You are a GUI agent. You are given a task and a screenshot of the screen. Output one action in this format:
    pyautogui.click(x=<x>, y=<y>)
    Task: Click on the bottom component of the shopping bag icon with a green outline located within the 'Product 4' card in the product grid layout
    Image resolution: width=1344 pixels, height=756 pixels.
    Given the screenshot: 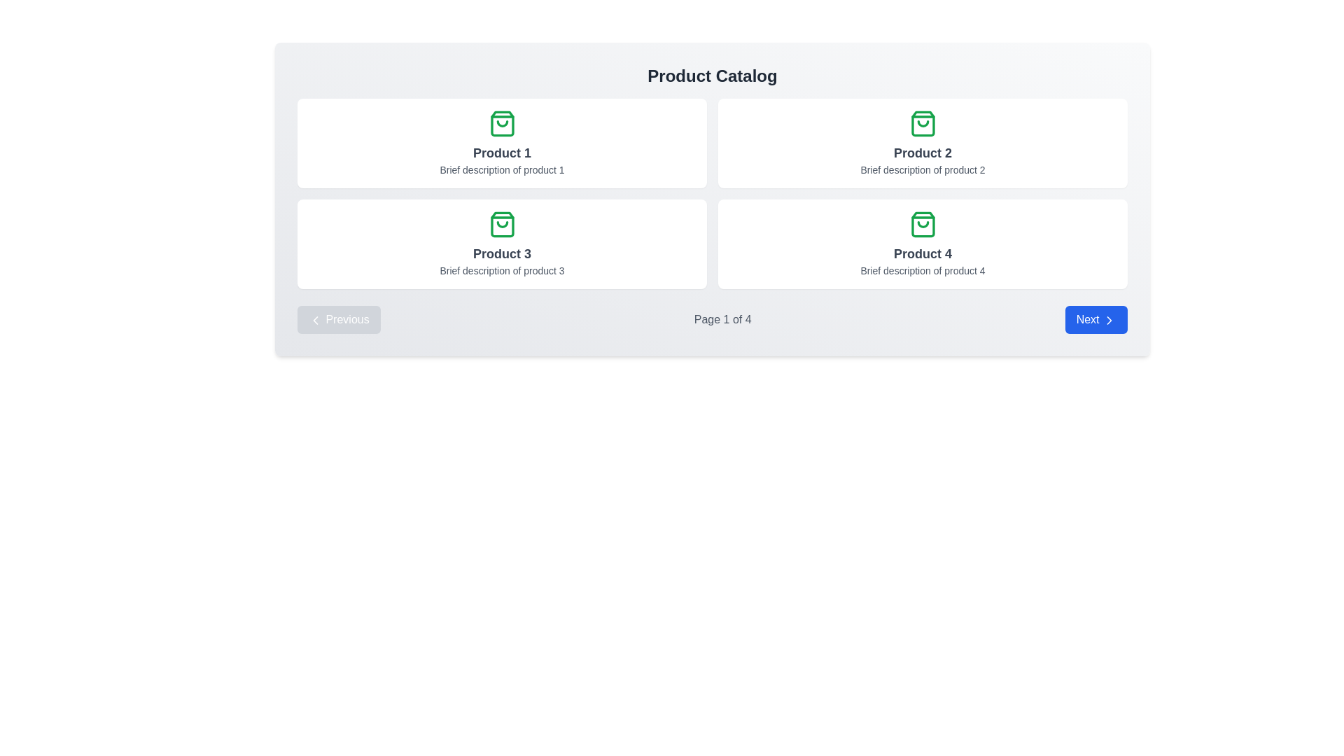 What is the action you would take?
    pyautogui.click(x=923, y=223)
    